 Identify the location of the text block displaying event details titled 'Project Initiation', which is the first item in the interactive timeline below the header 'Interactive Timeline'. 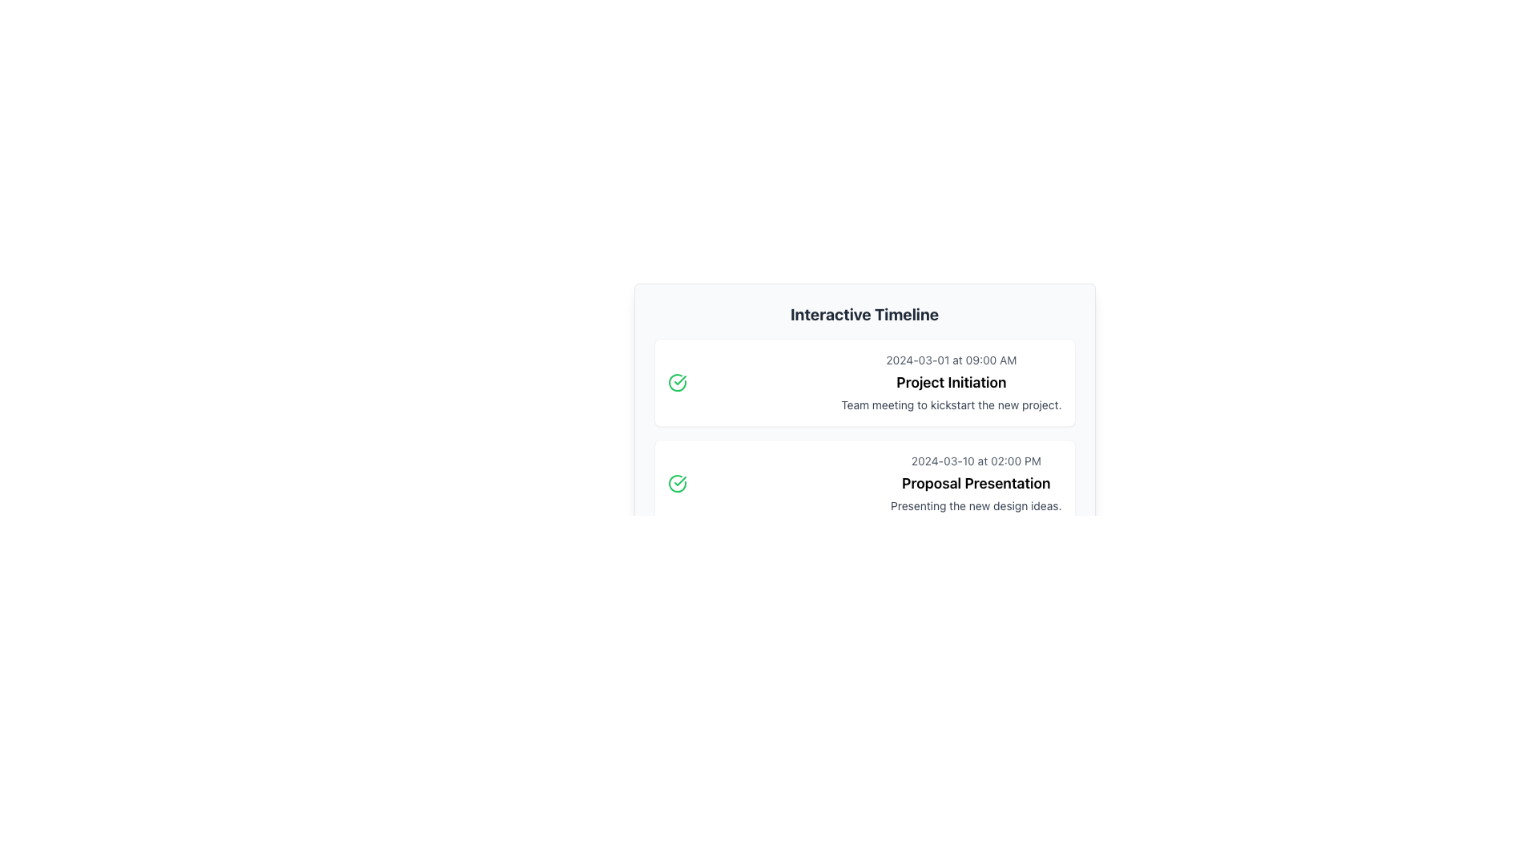
(951, 383).